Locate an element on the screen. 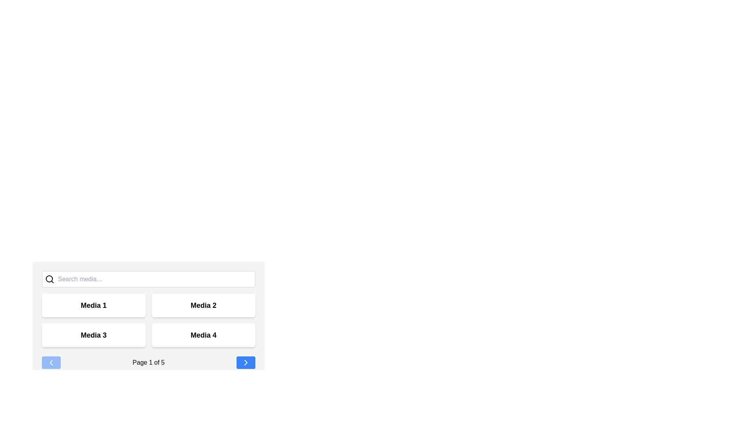 The image size is (752, 423). the 'previous' button located at the bottom left corner of the navigation bar is located at coordinates (51, 362).